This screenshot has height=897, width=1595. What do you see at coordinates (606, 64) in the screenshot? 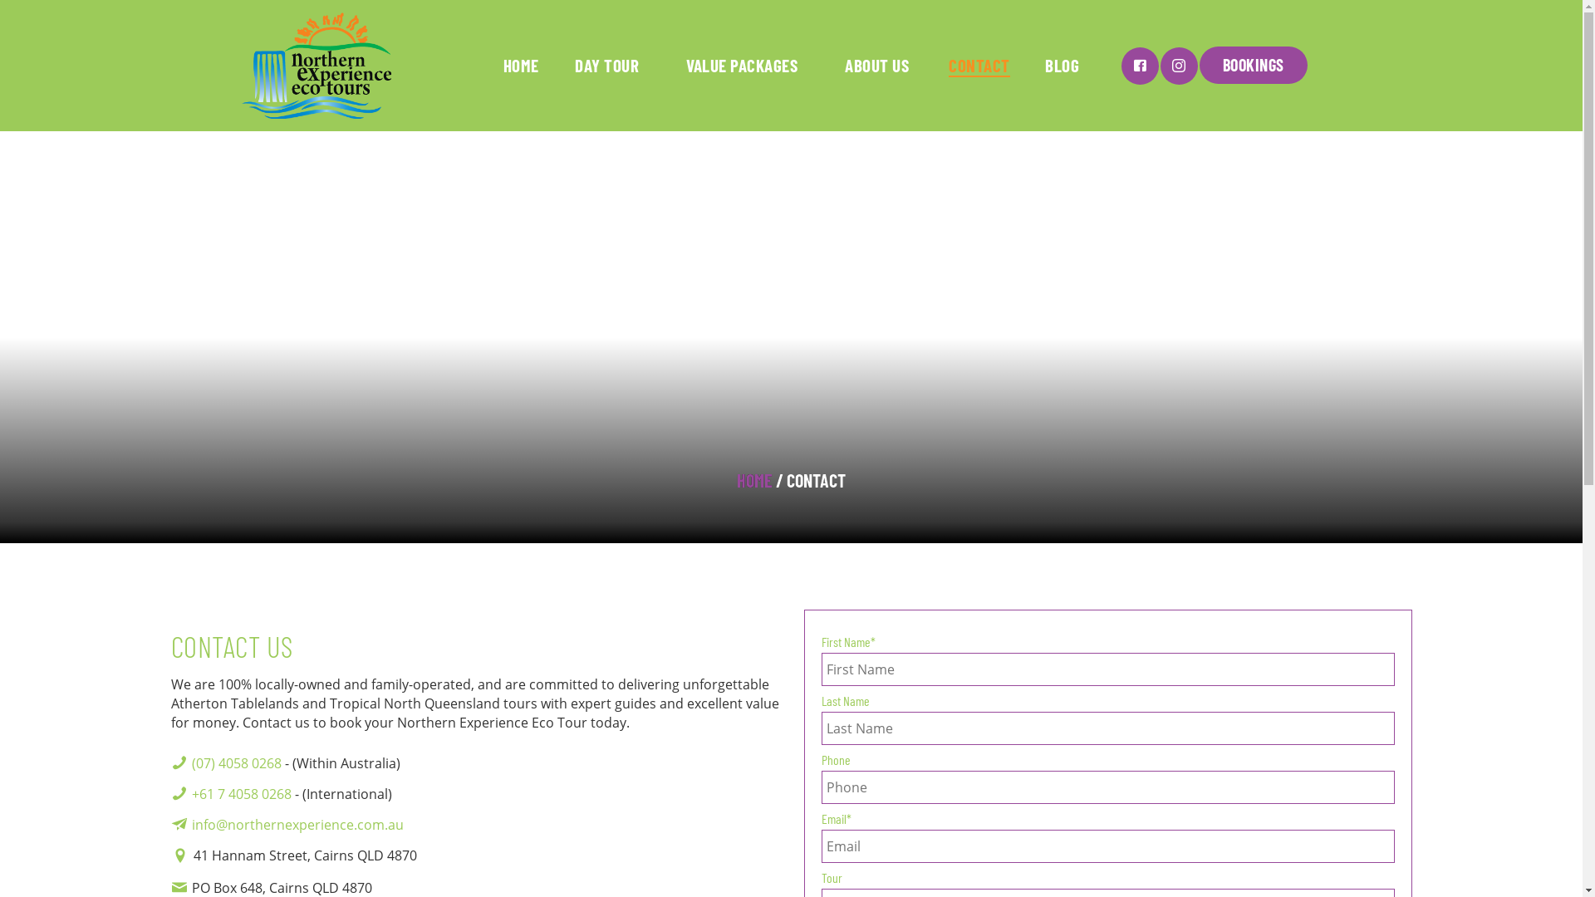
I see `'DAY TOUR'` at bounding box center [606, 64].